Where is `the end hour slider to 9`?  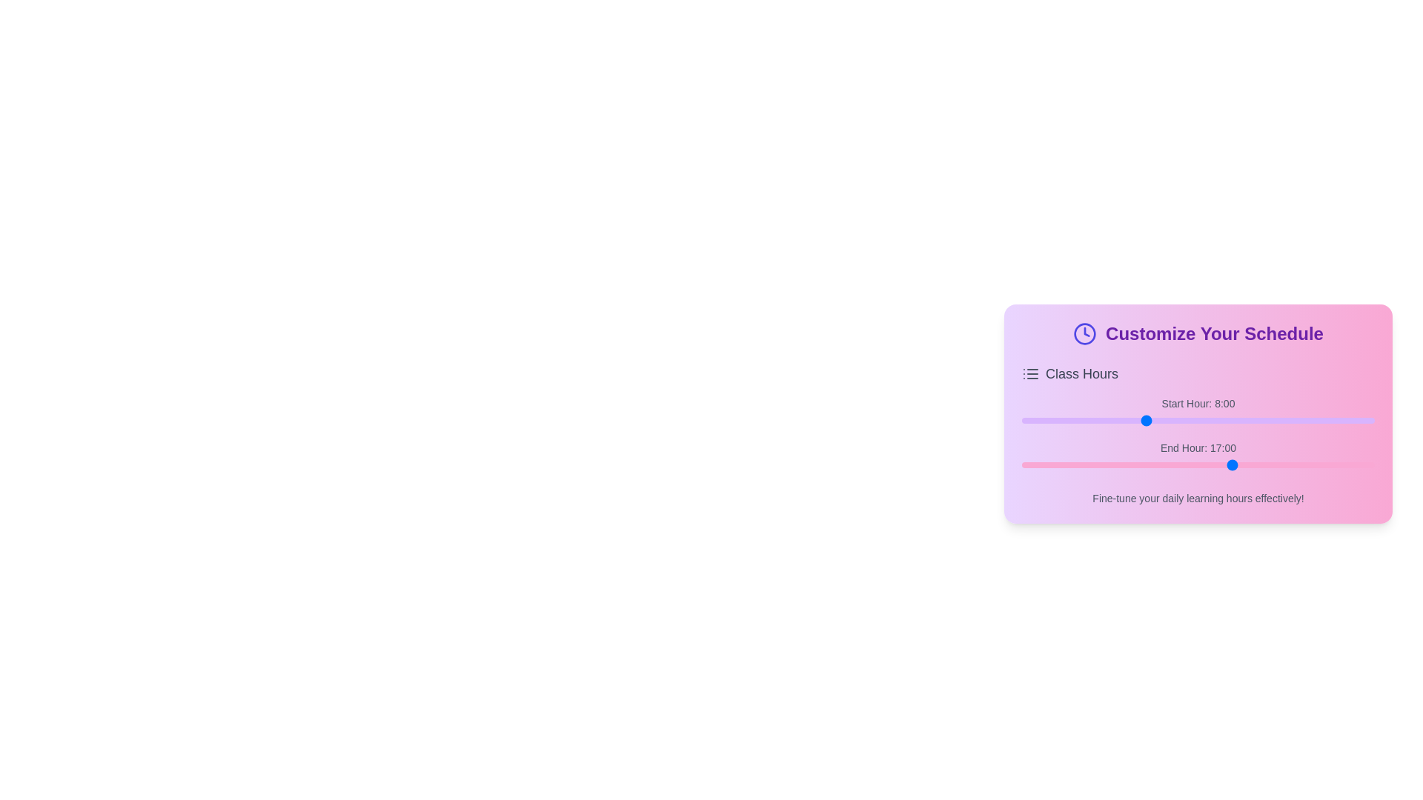
the end hour slider to 9 is located at coordinates (1044, 464).